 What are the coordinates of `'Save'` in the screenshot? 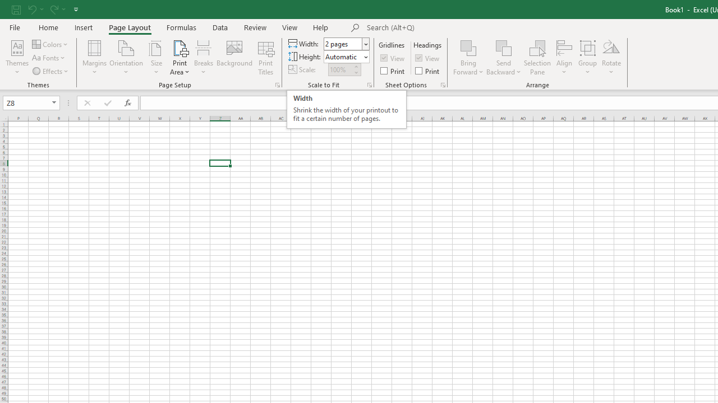 It's located at (16, 9).